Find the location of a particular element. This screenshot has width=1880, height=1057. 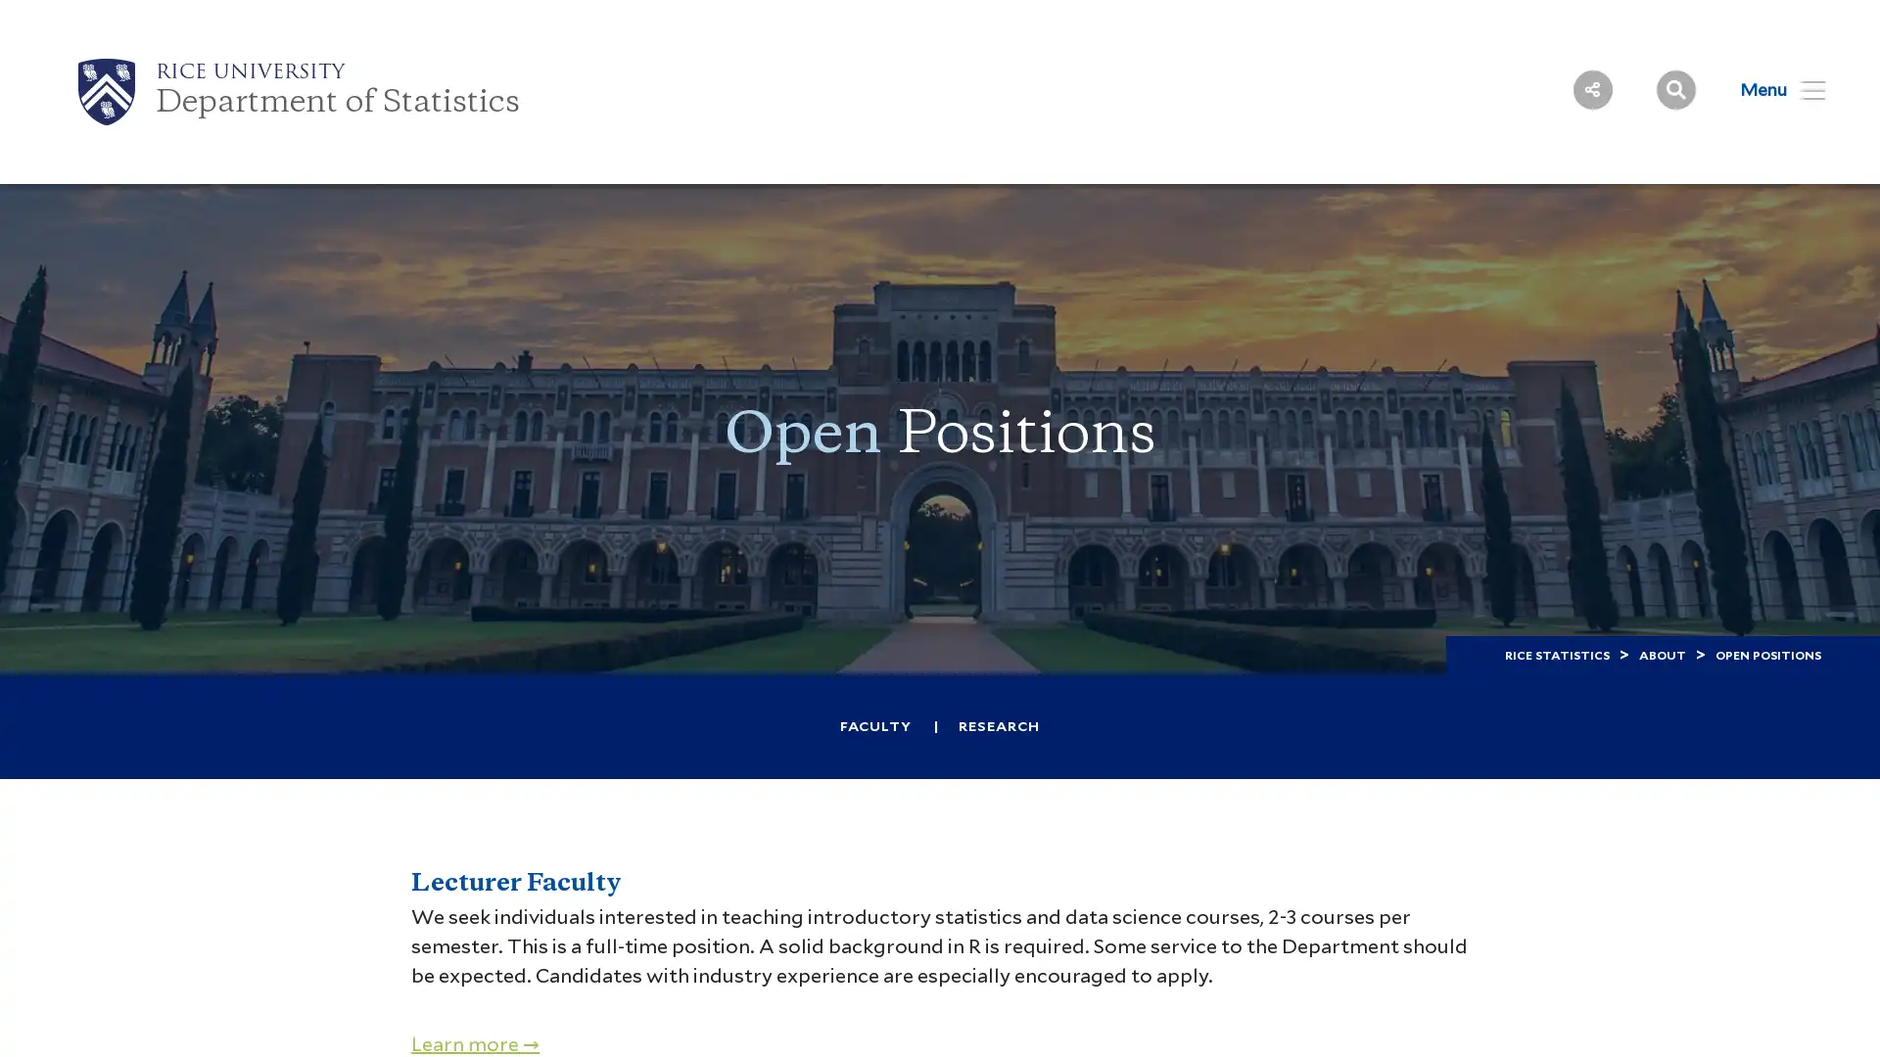

Open Menu is located at coordinates (1770, 89).